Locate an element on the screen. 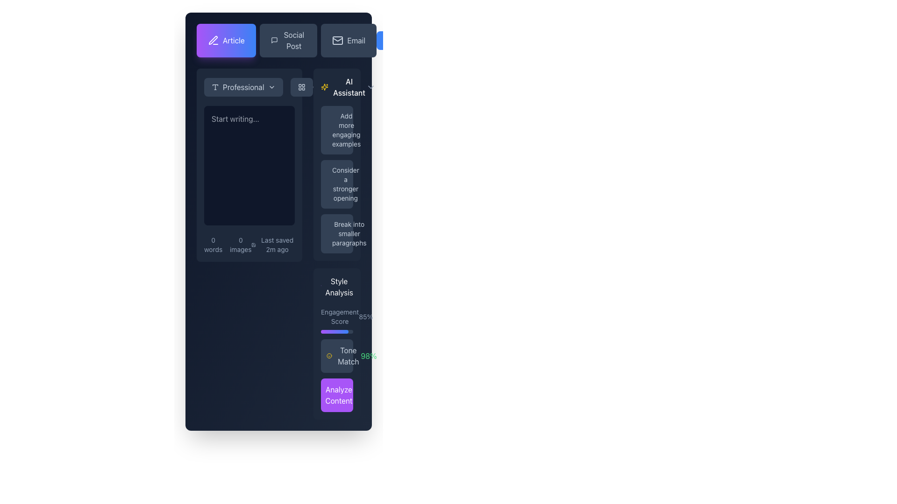 This screenshot has height=504, width=897. the progress bar, which is a horizontally elongated rectangle with a gradient from purple to blue, located in the bottom-right quadrant of the interface near the 'Engagement Score' text is located at coordinates (335, 331).